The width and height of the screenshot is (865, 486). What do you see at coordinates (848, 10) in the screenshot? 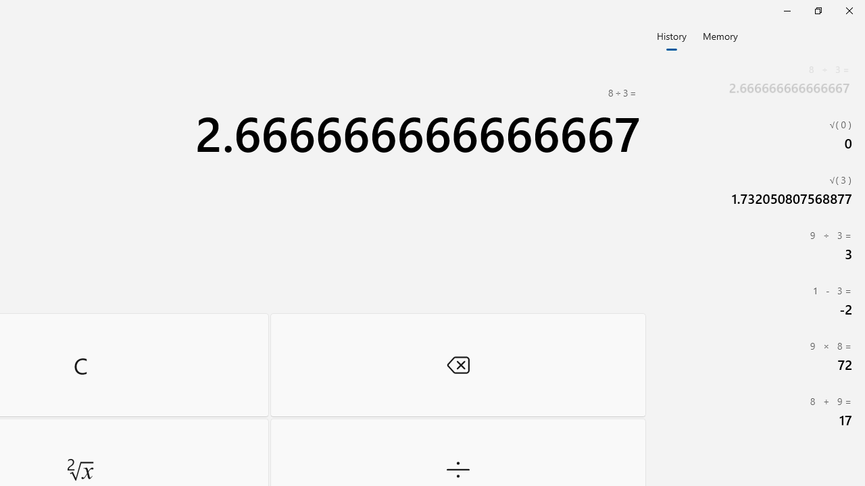
I see `'Close Calculator'` at bounding box center [848, 10].